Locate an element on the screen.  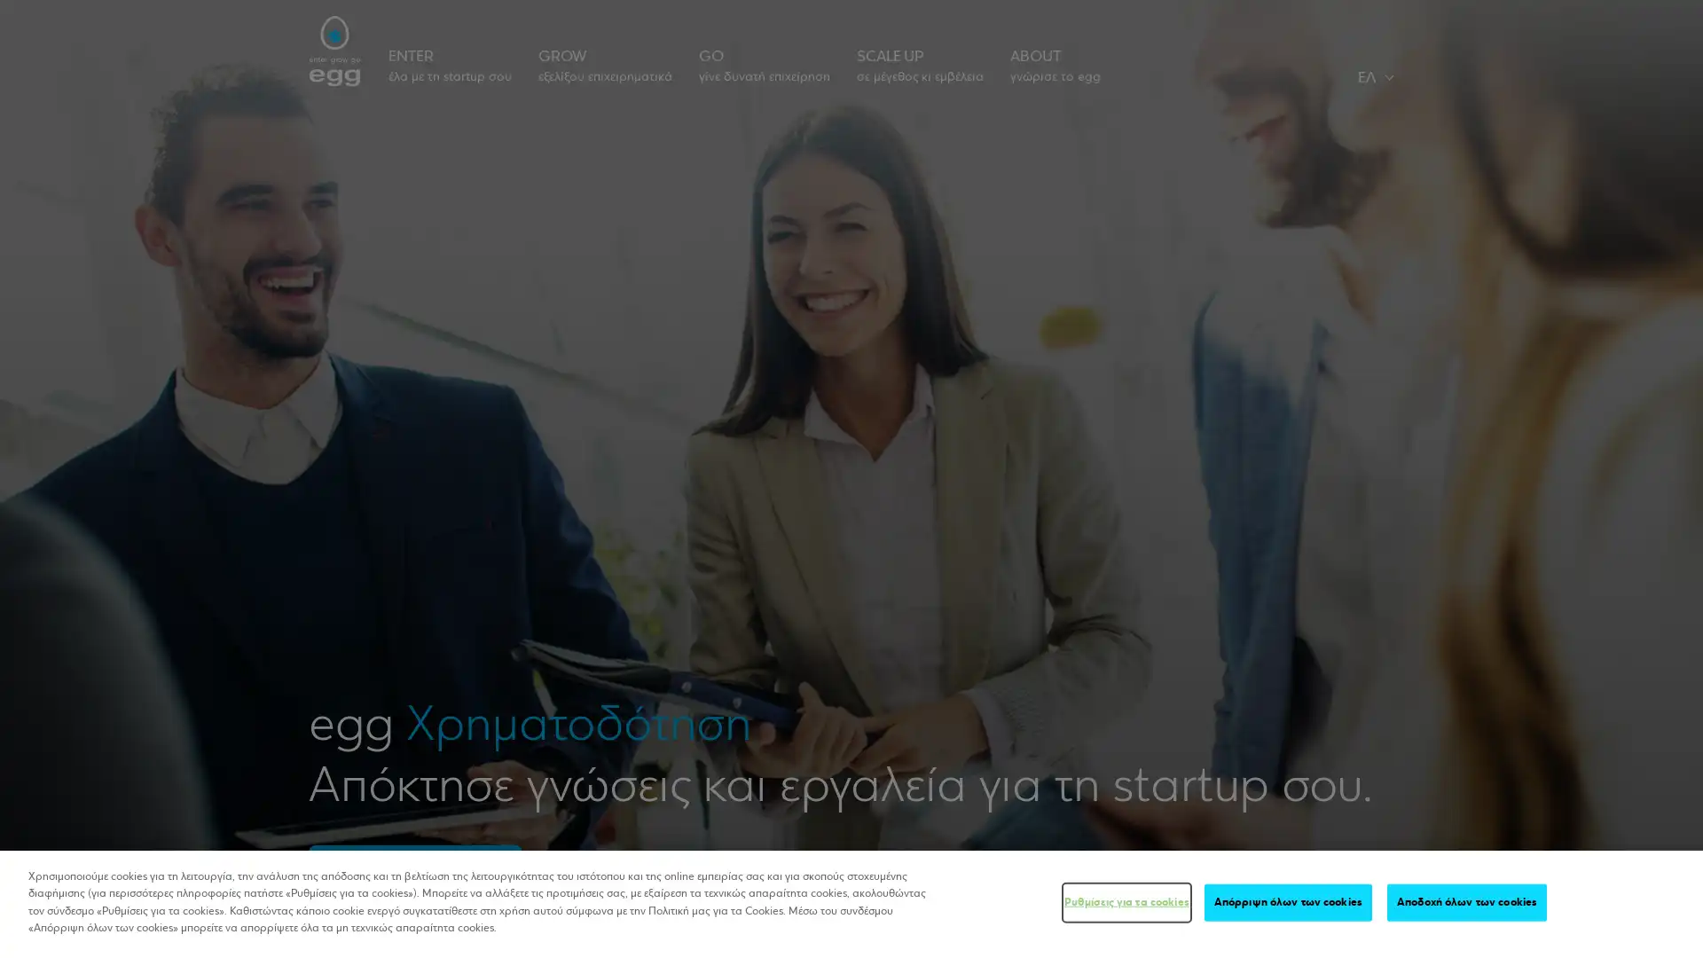
cookies is located at coordinates (1125, 902).